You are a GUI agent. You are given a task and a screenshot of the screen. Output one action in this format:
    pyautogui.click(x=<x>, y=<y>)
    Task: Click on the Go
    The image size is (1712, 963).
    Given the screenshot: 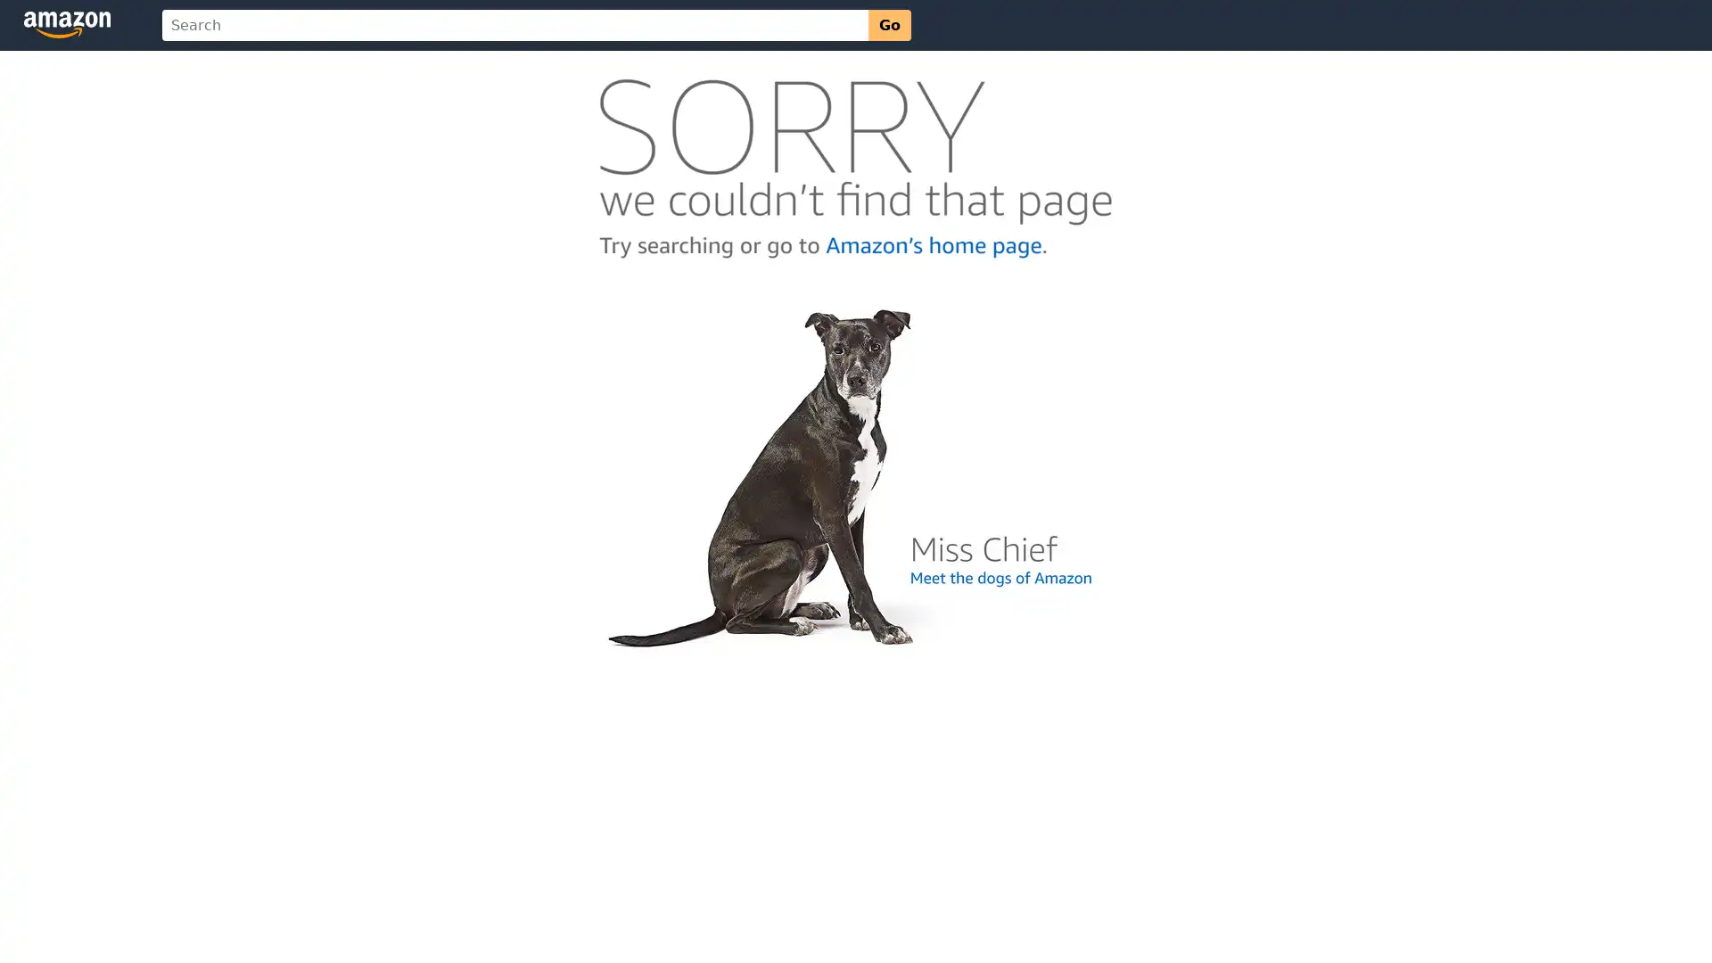 What is the action you would take?
    pyautogui.click(x=890, y=25)
    